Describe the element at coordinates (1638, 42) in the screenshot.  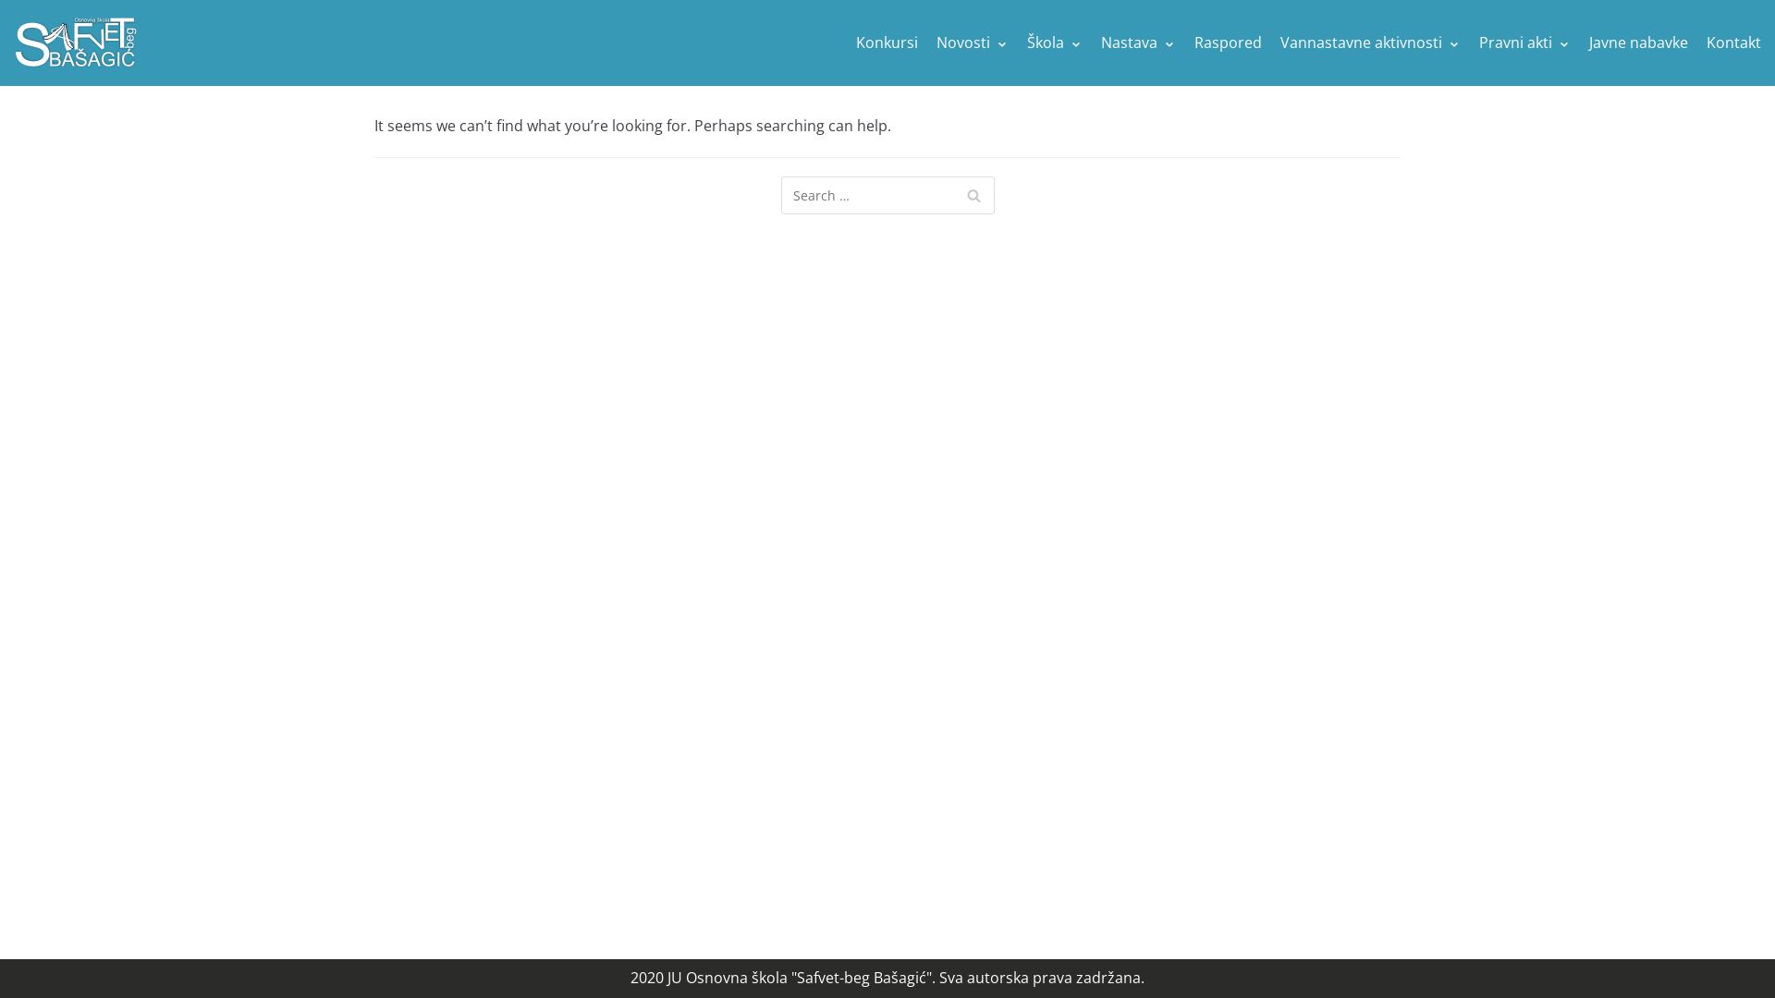
I see `'Javne nabavke'` at that location.